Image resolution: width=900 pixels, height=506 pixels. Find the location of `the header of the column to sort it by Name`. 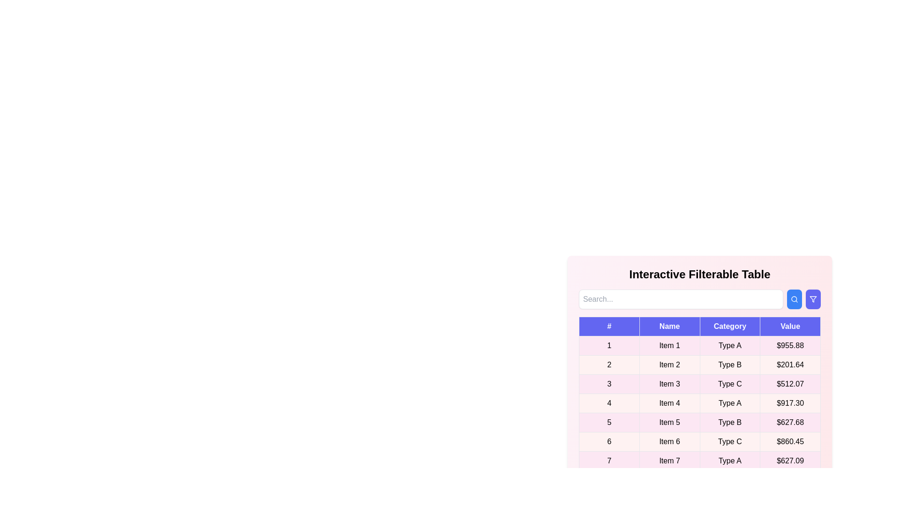

the header of the column to sort it by Name is located at coordinates (669, 326).